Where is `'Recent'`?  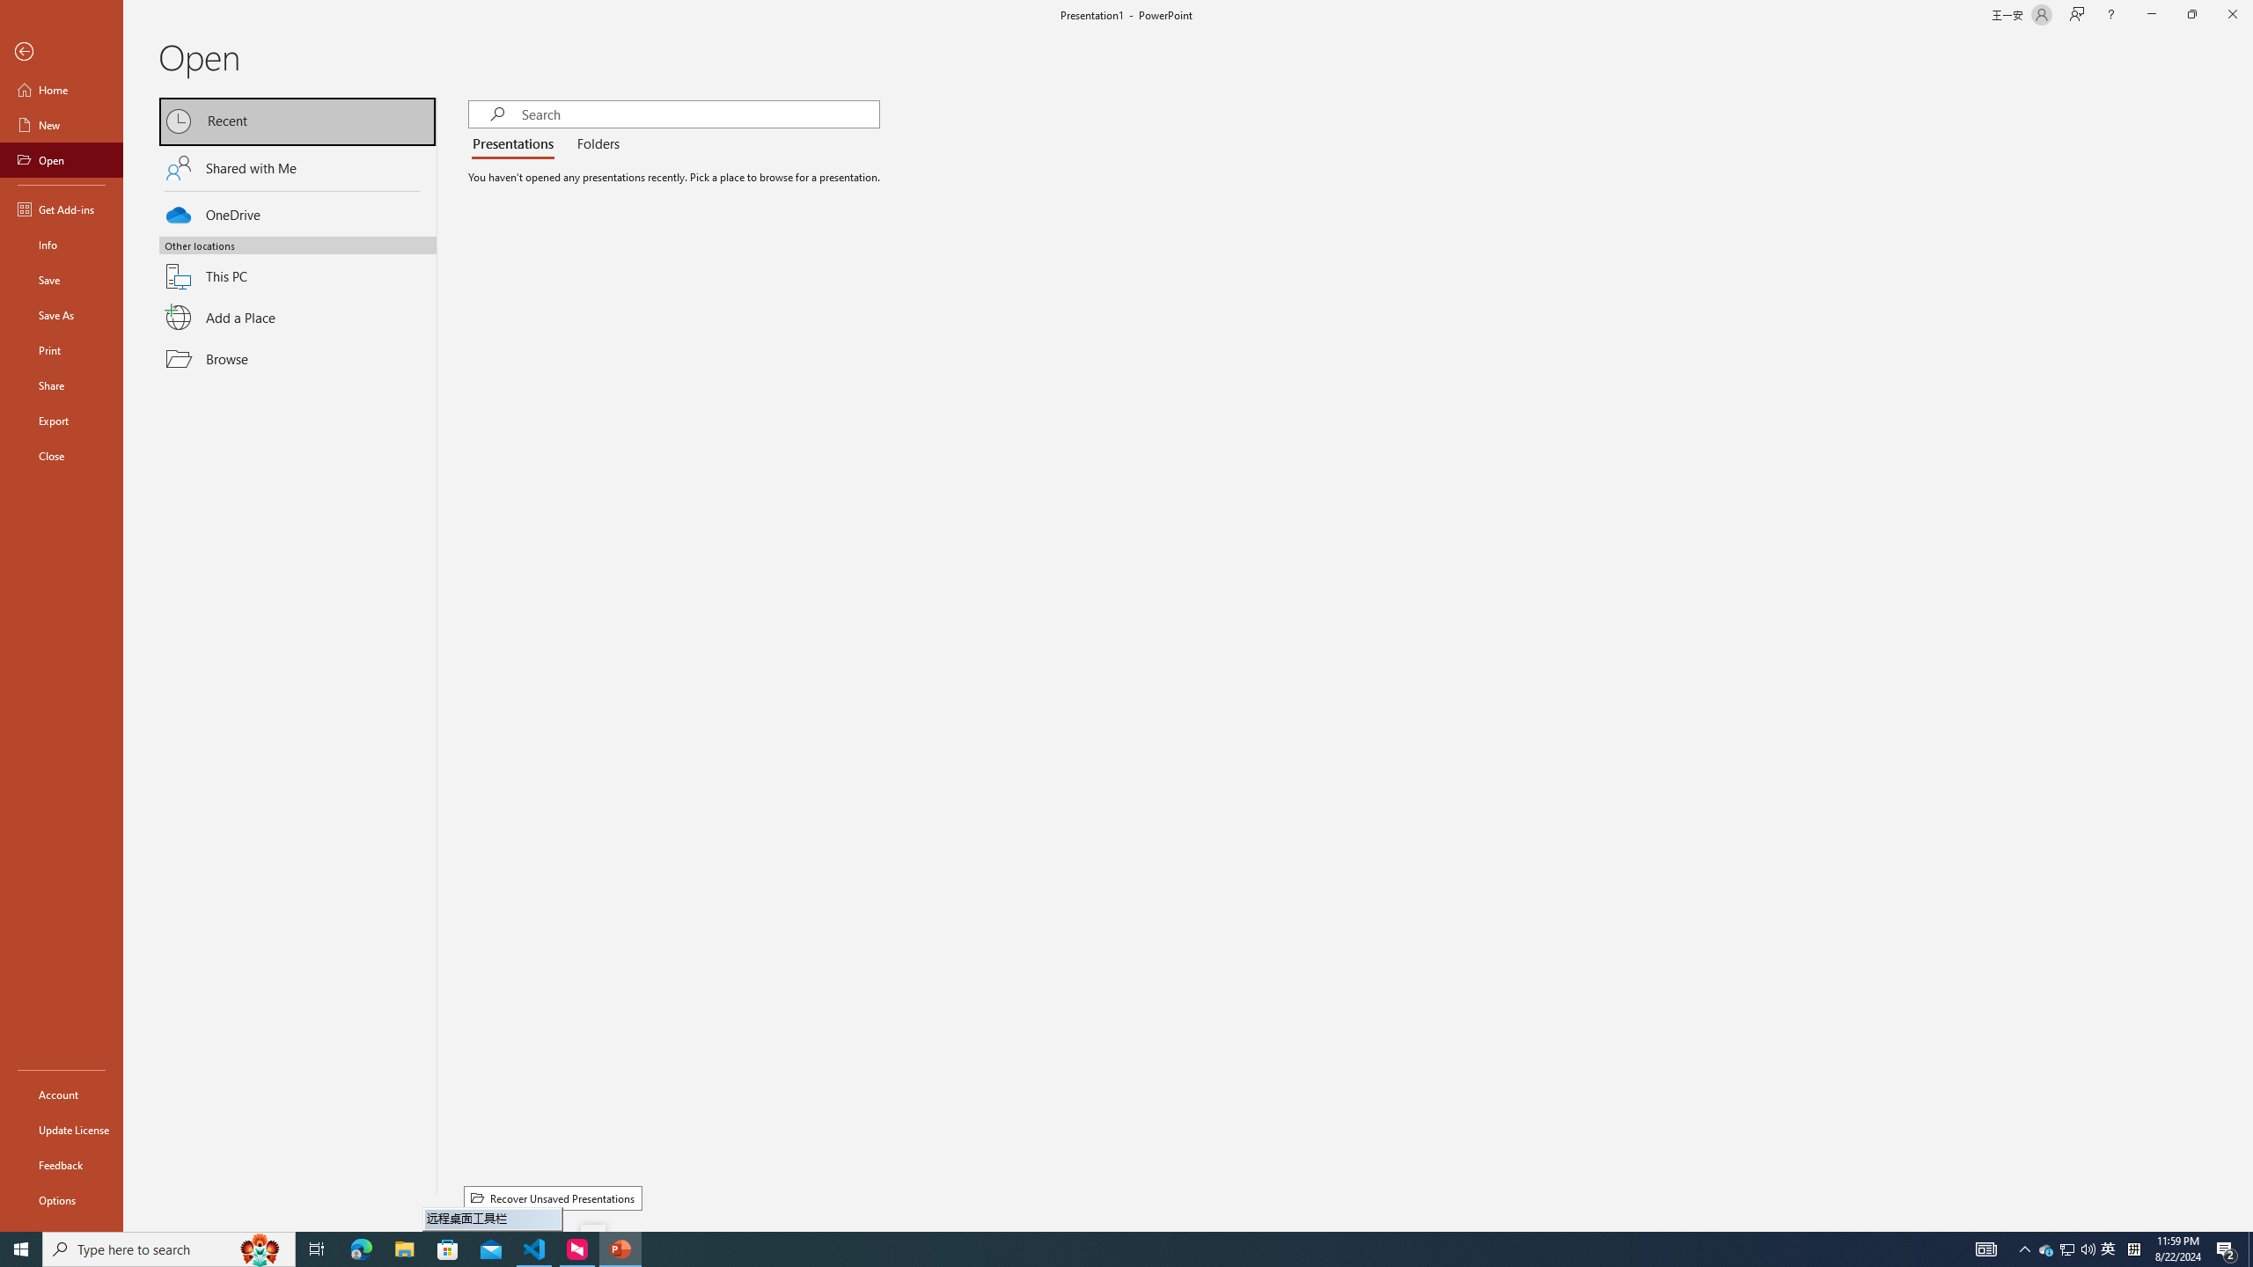
'Recent' is located at coordinates (297, 121).